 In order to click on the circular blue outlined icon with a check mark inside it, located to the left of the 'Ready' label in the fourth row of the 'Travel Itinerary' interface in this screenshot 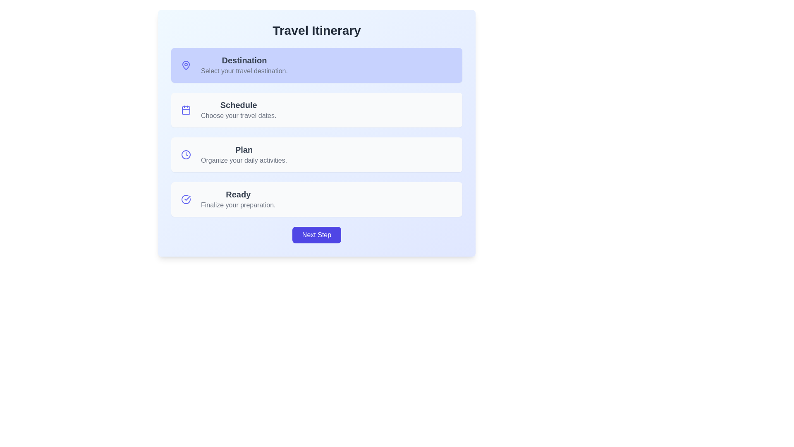, I will do `click(186, 199)`.